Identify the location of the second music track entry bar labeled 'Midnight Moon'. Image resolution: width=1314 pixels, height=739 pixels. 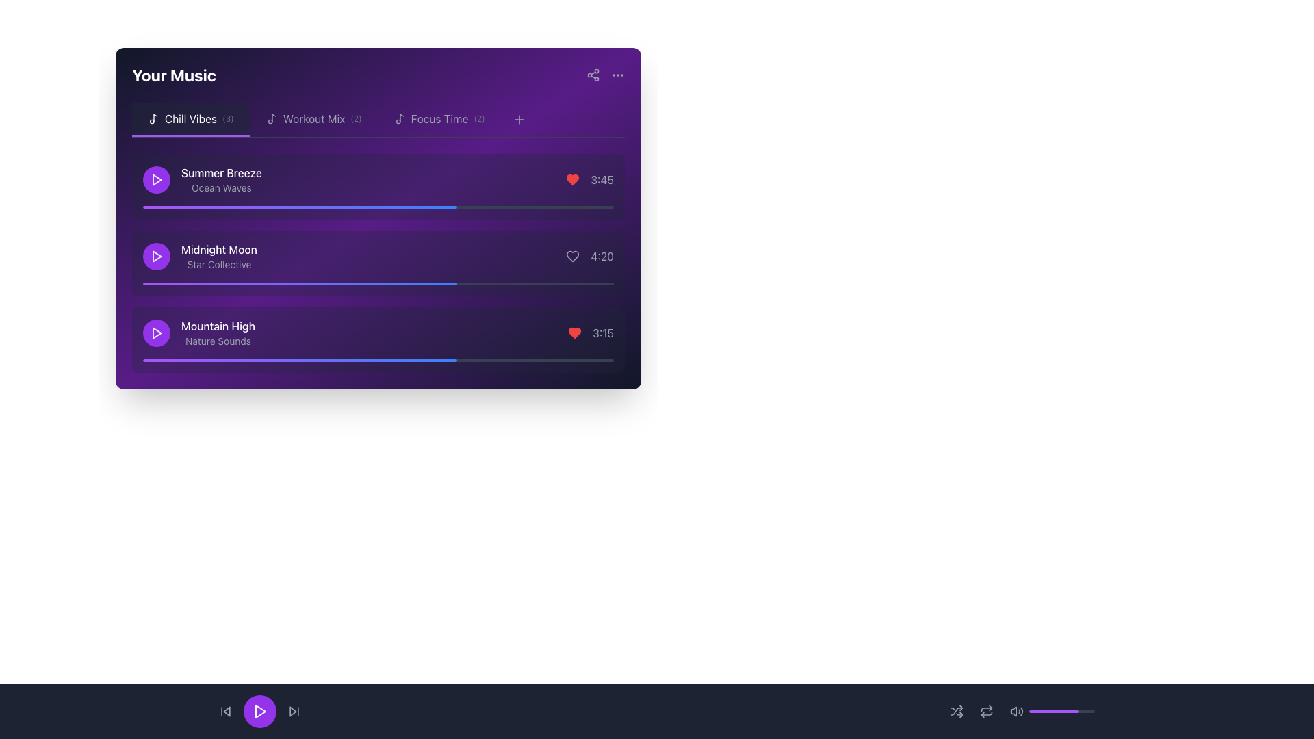
(378, 256).